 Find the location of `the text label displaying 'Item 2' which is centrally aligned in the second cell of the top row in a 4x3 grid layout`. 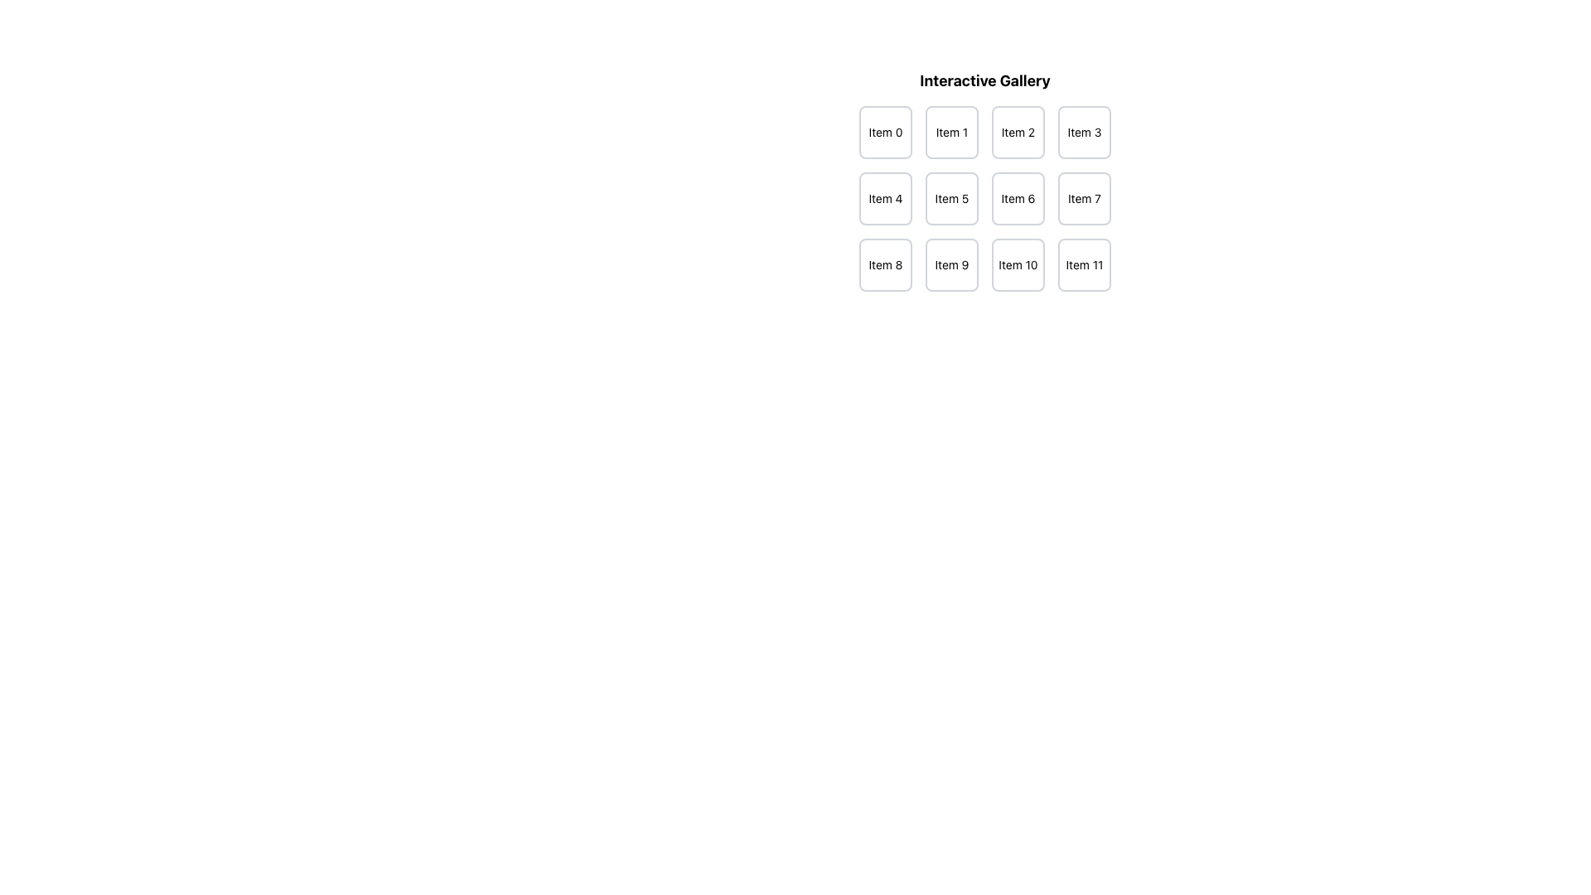

the text label displaying 'Item 2' which is centrally aligned in the second cell of the top row in a 4x3 grid layout is located at coordinates (1017, 131).